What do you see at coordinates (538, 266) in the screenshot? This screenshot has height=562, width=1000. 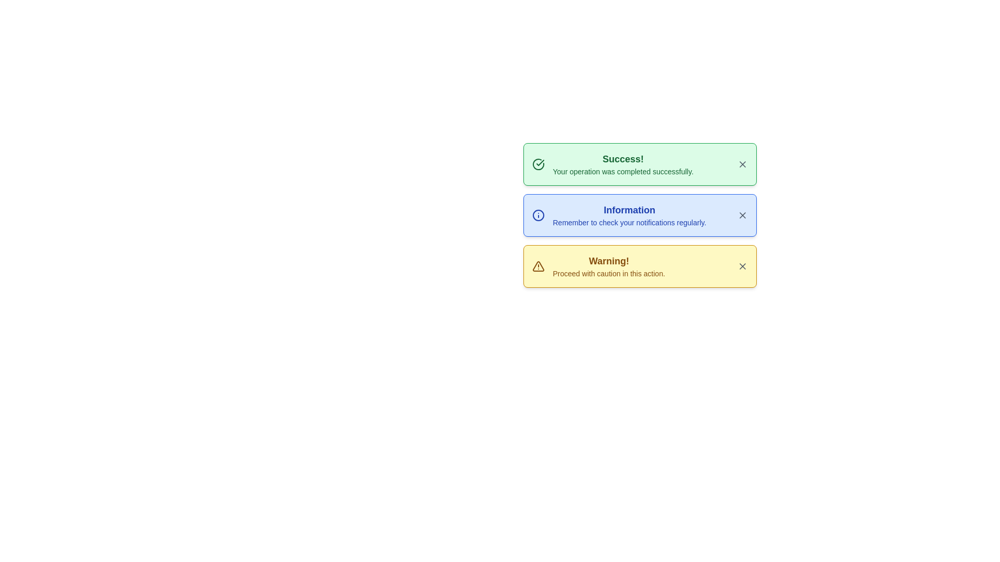 I see `the triangular warning icon with a yellow background and an exclamation mark at its center, located in the bottom-left corner of the alert box titled 'Warning!'` at bounding box center [538, 266].